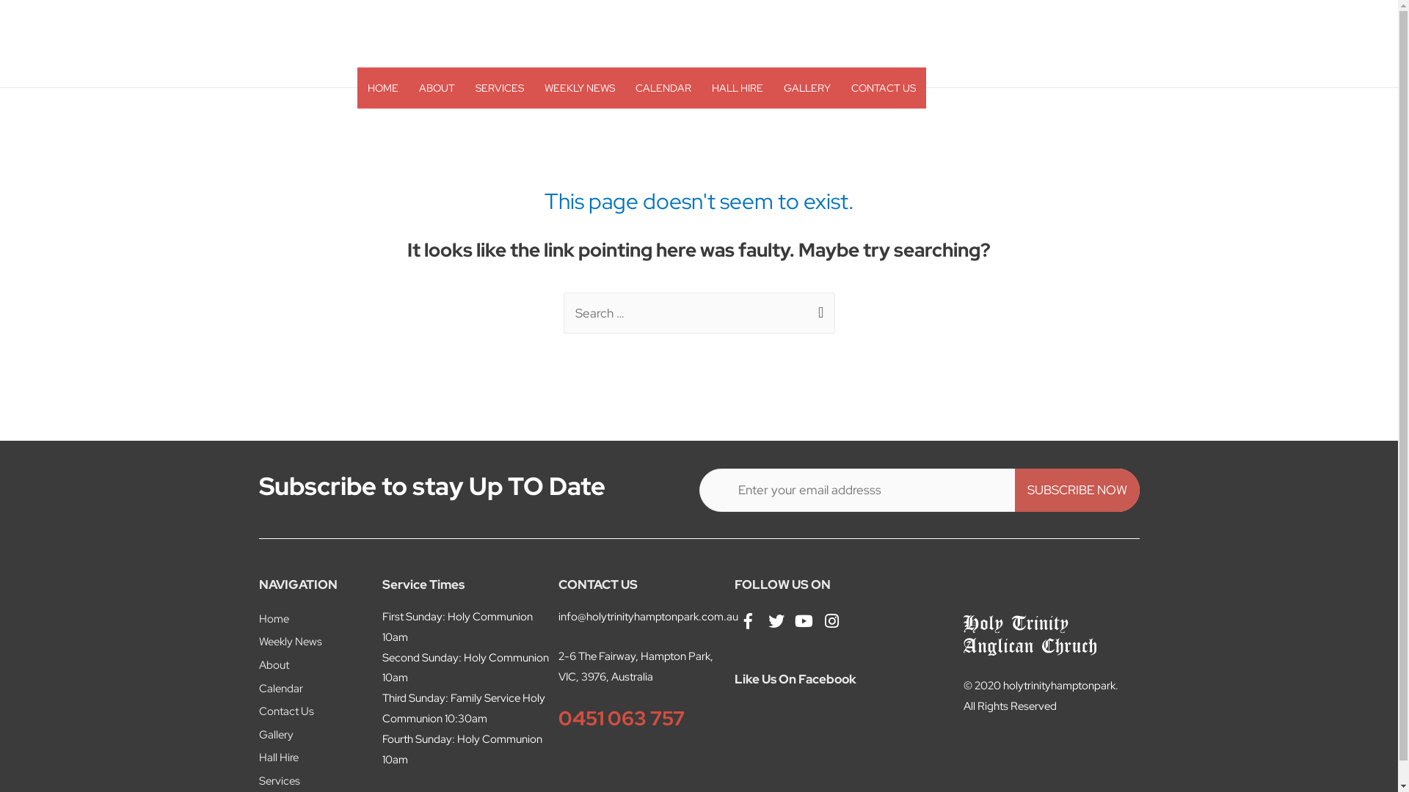  What do you see at coordinates (435, 87) in the screenshot?
I see `'ABOUT'` at bounding box center [435, 87].